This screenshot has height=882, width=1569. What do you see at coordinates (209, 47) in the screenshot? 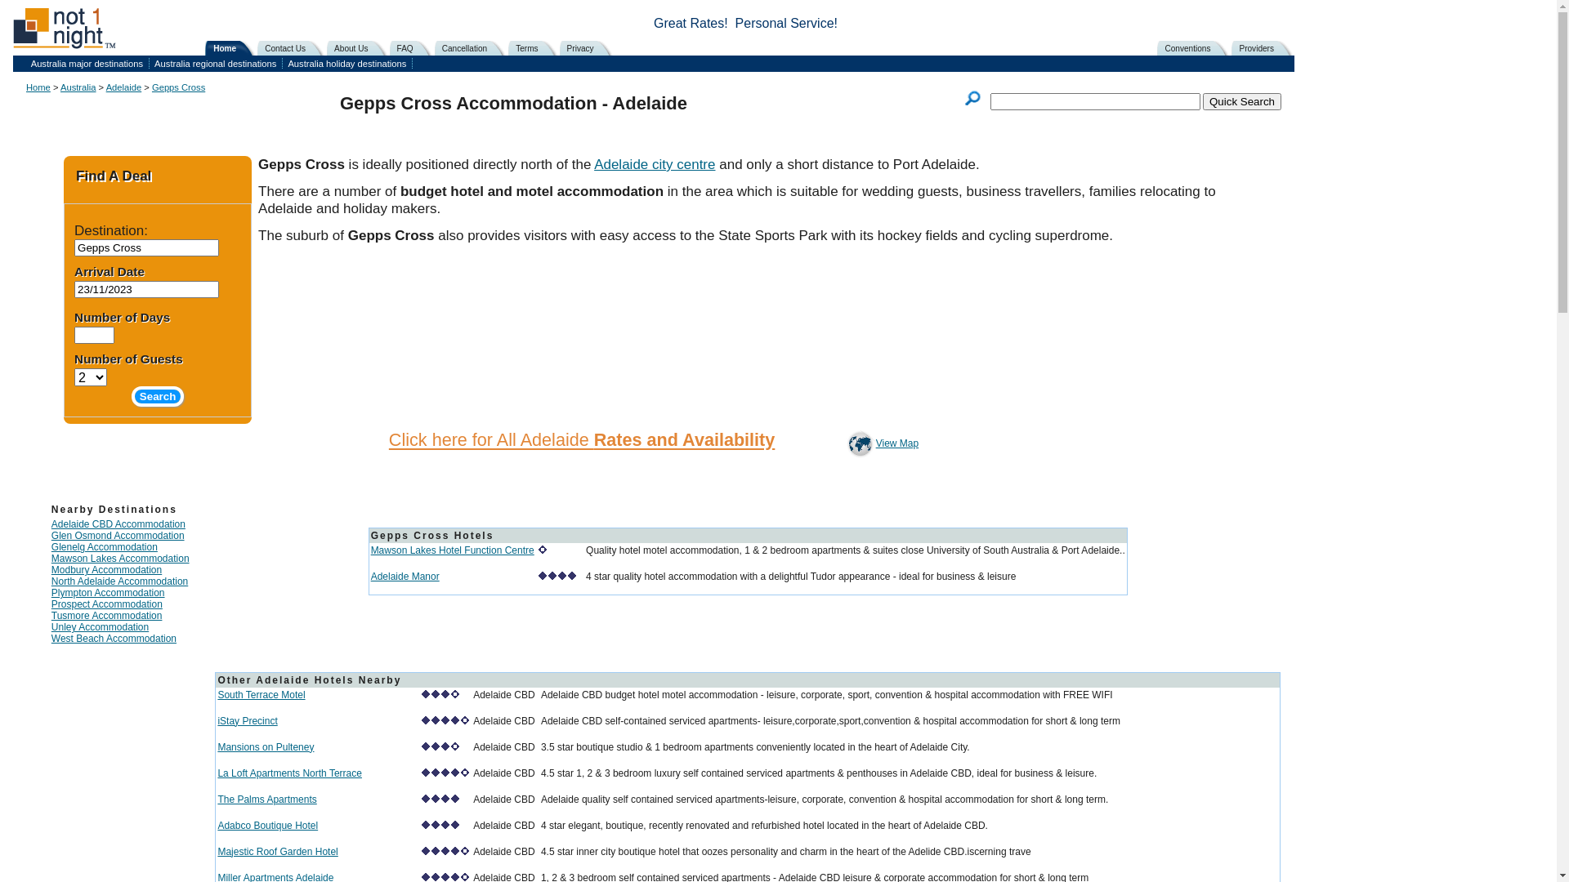
I see `'Home'` at bounding box center [209, 47].